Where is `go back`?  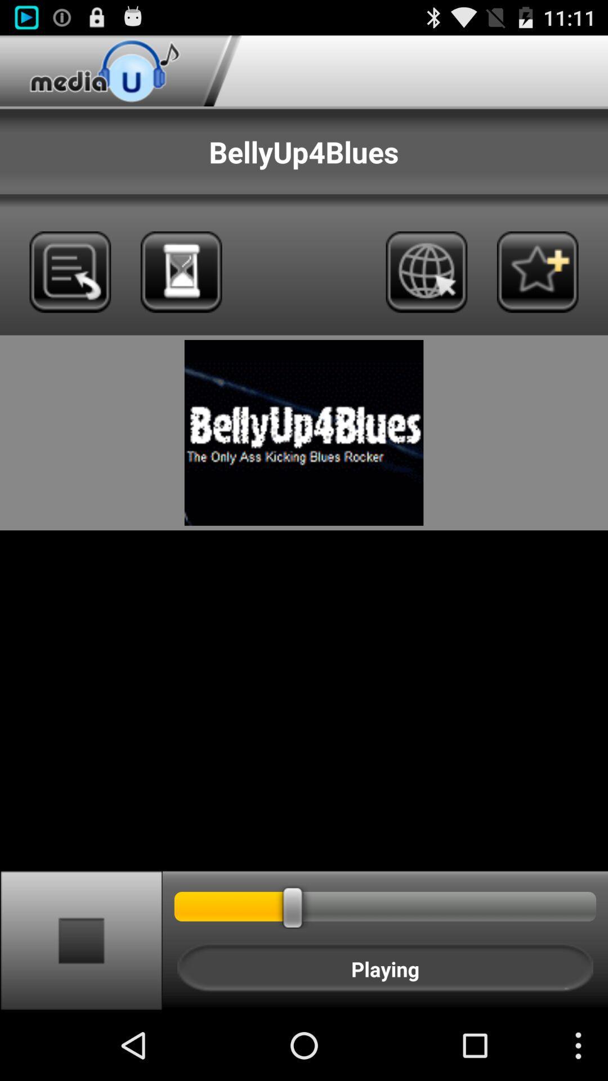
go back is located at coordinates (70, 272).